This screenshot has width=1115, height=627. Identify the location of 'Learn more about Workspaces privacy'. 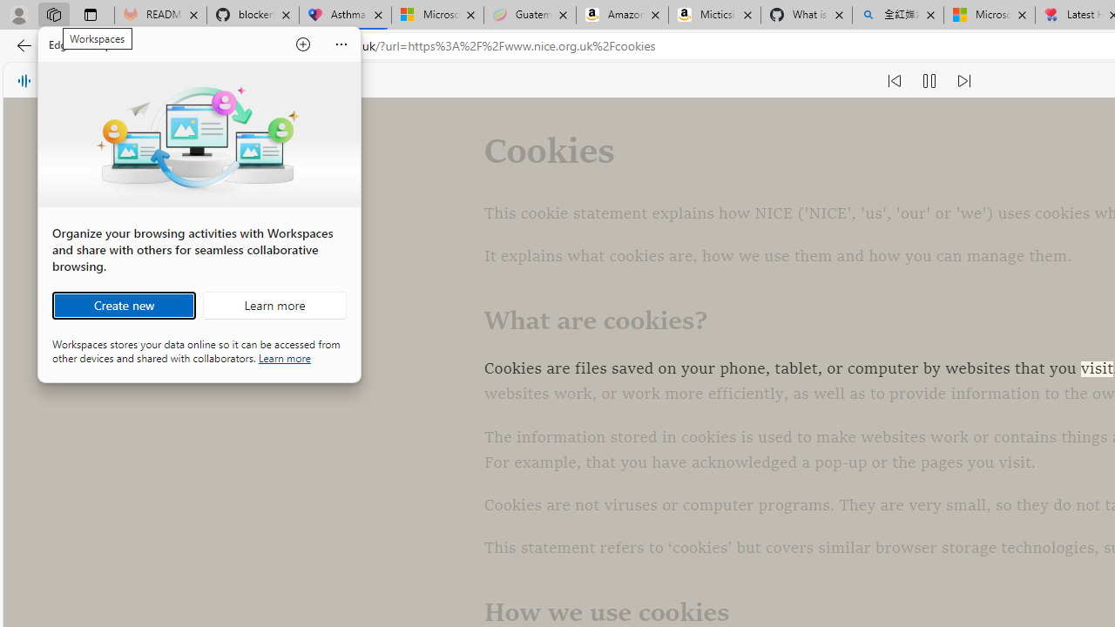
(284, 356).